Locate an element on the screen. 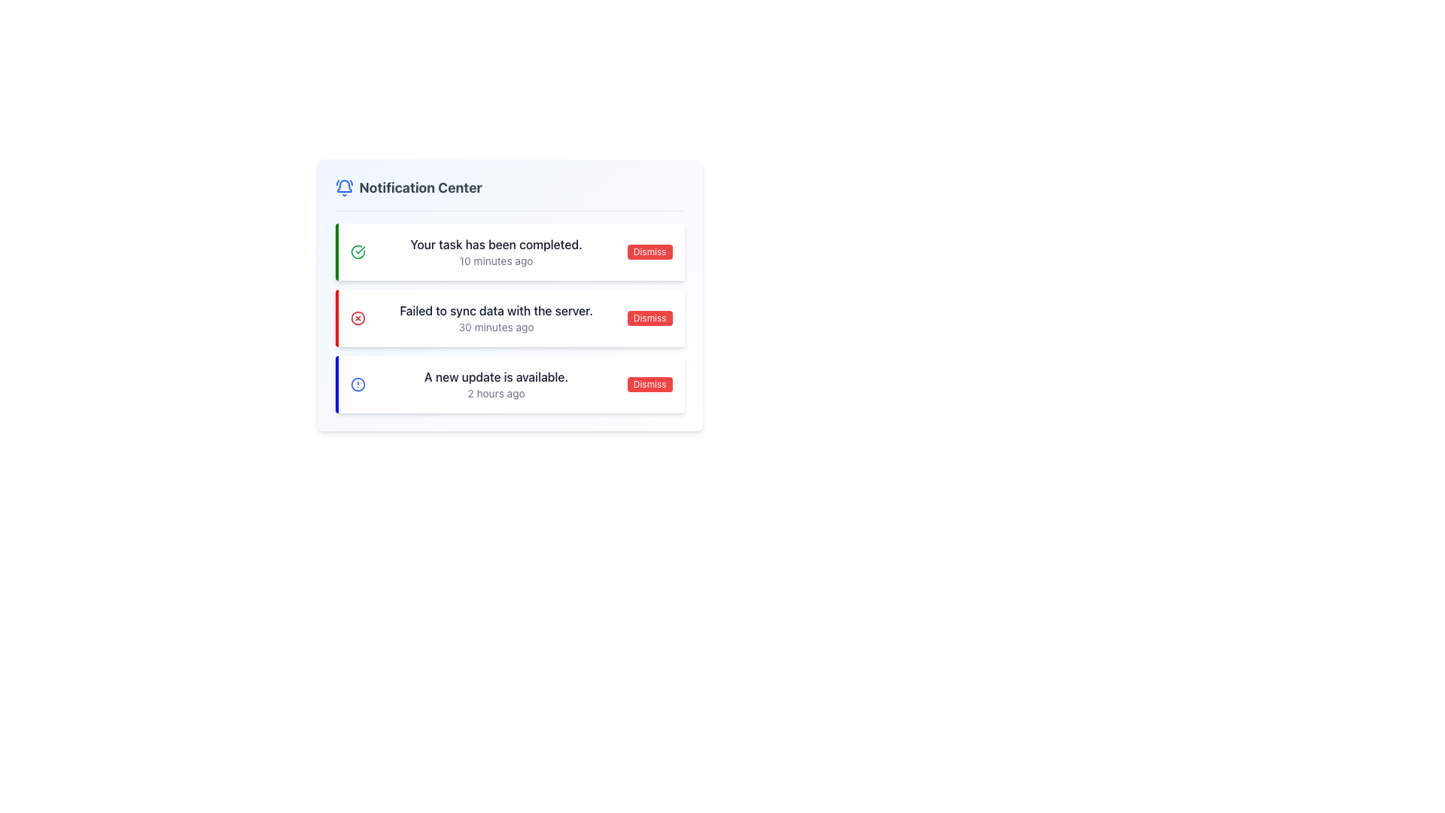 Image resolution: width=1445 pixels, height=813 pixels. bold message 'A new update is available' and the timestamp '2 hours ago' from the third notification block in the Notification Center is located at coordinates (510, 383).